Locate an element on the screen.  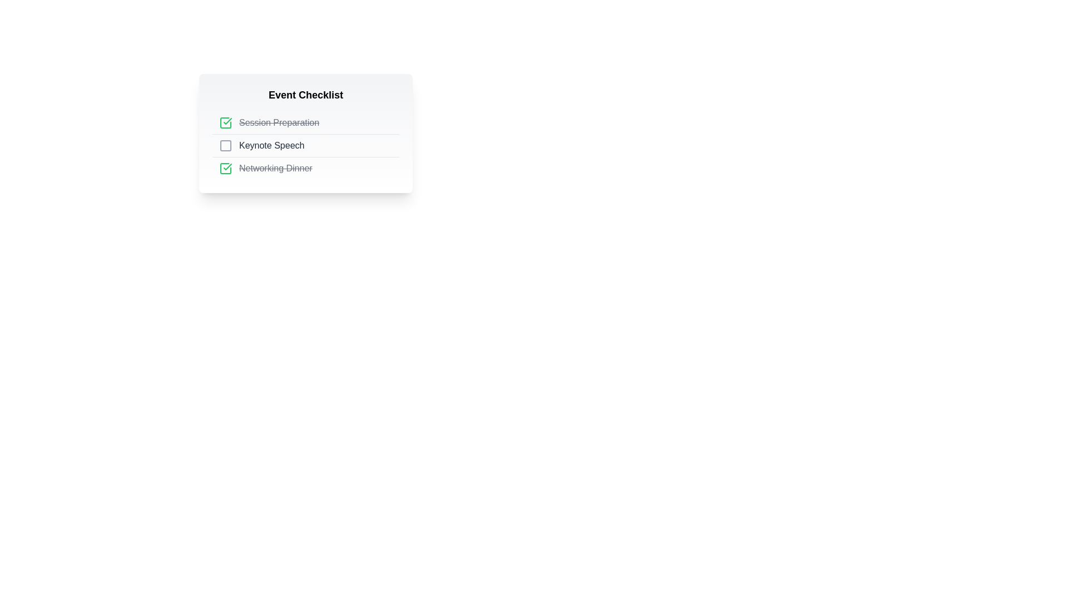
the third checklist entry text label that indicates a completed task with a strikethrough style is located at coordinates (275, 169).